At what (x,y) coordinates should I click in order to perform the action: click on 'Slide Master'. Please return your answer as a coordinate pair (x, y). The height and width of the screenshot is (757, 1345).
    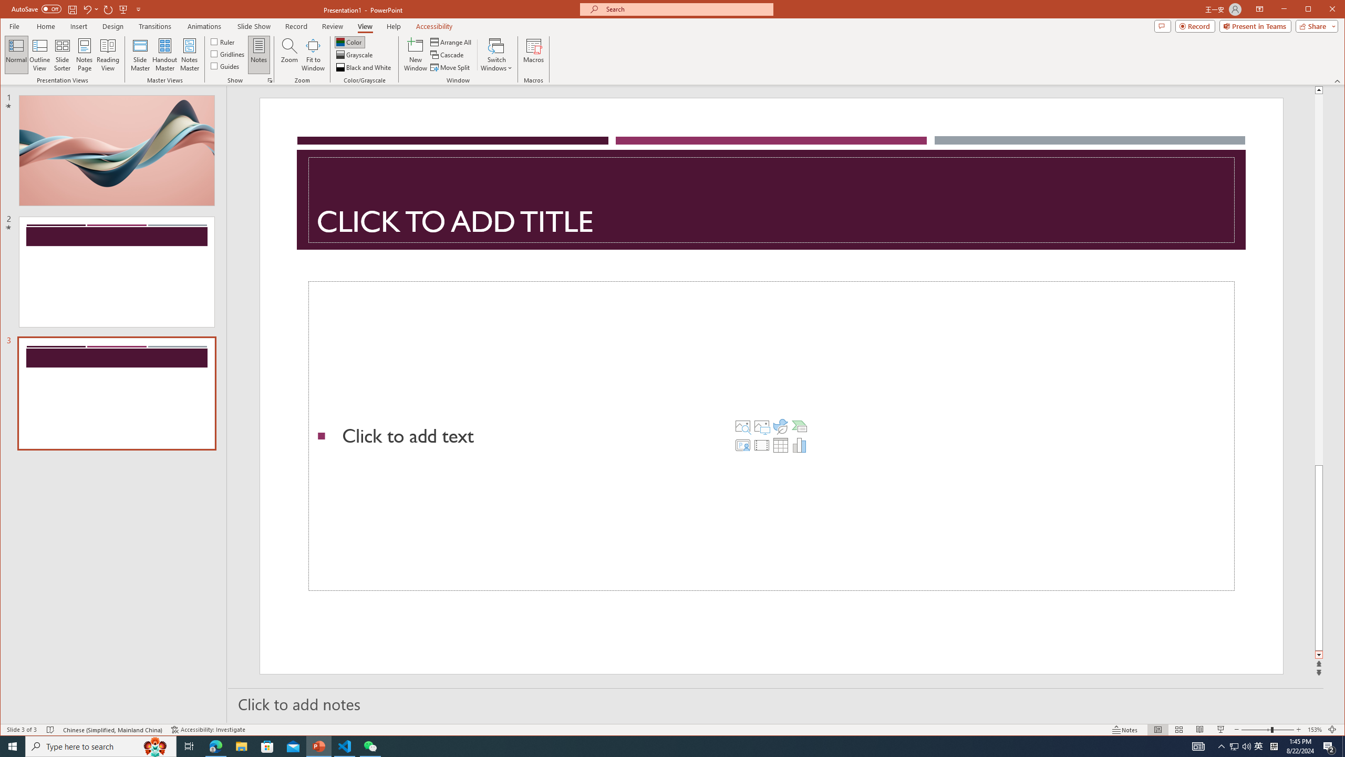
    Looking at the image, I should click on (139, 54).